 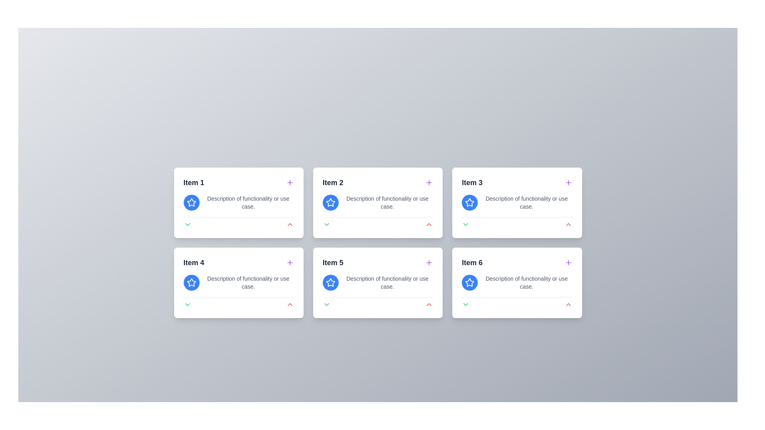 What do you see at coordinates (191, 282) in the screenshot?
I see `the star icon button located in the upper left corner of the 'Item 4' card to mark it as a favorite` at bounding box center [191, 282].